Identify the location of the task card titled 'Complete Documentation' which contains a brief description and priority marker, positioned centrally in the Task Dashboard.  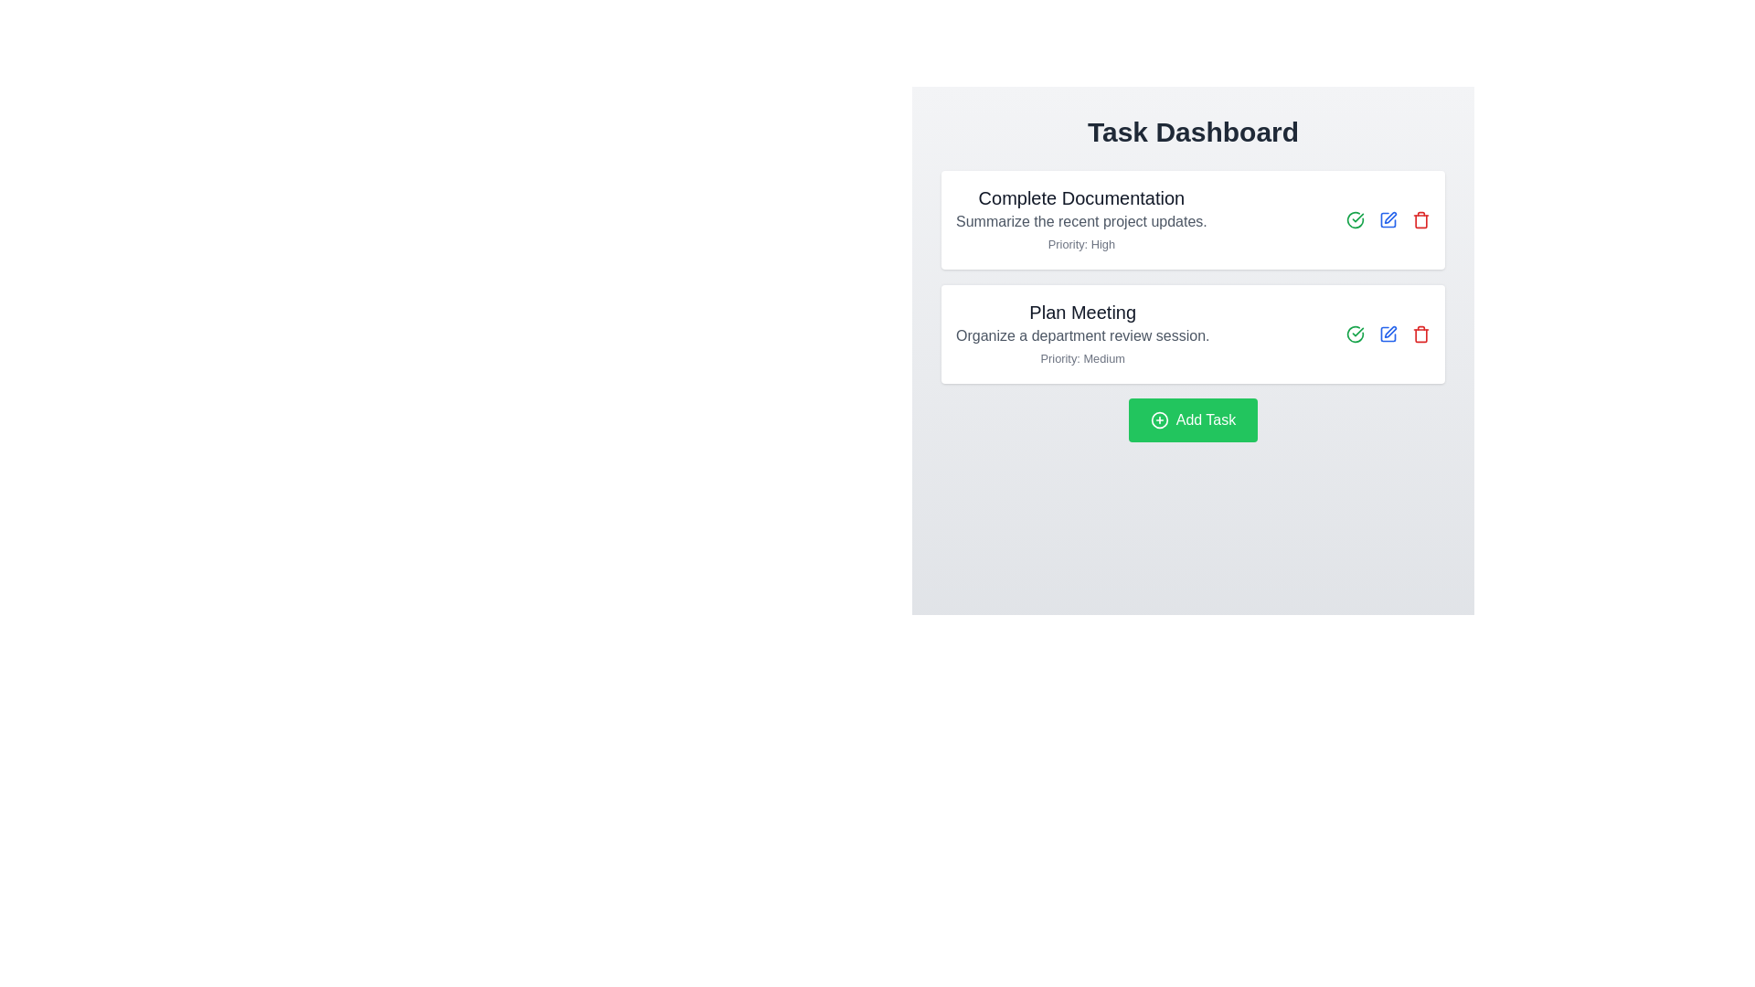
(1193, 218).